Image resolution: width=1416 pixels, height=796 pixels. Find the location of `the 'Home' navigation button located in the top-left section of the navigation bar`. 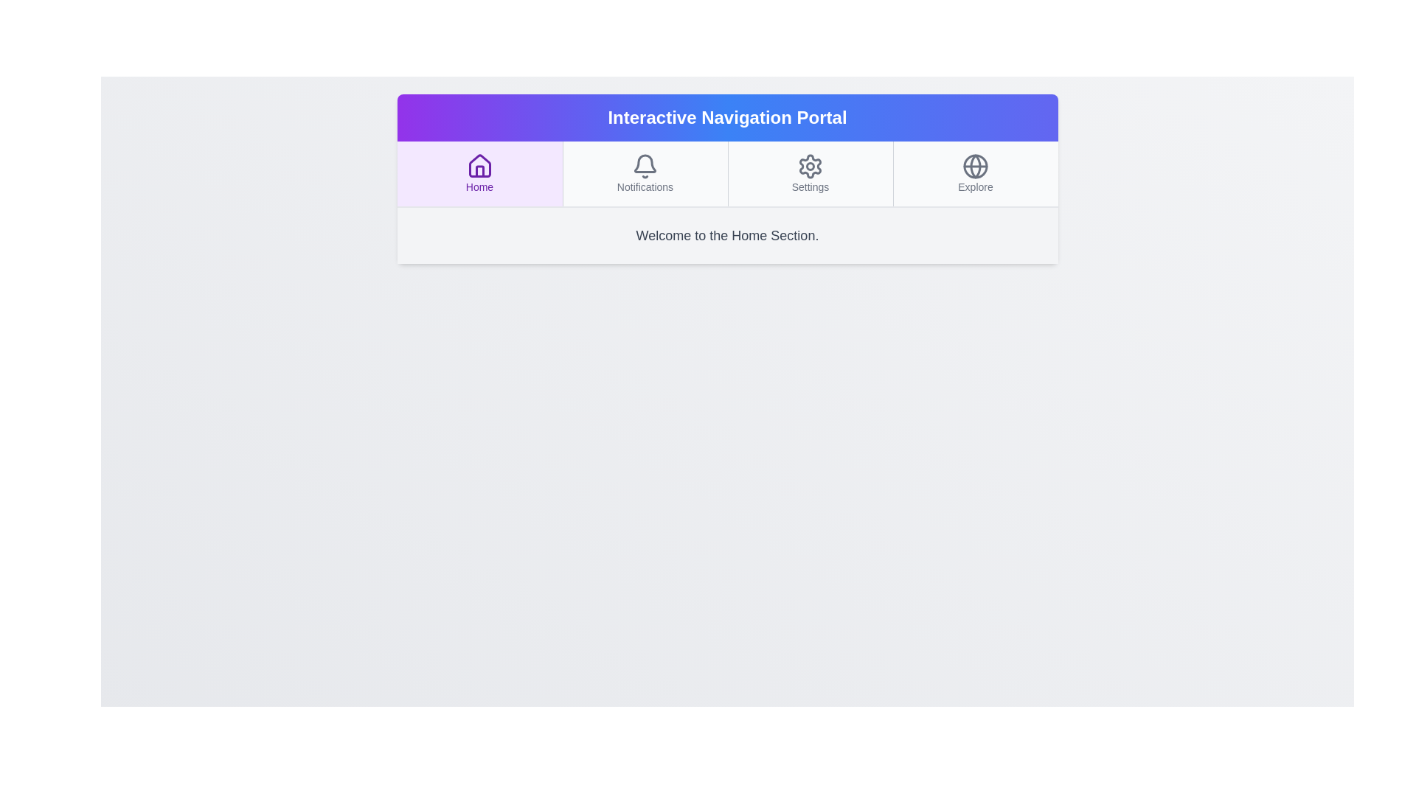

the 'Home' navigation button located in the top-left section of the navigation bar is located at coordinates (479, 172).